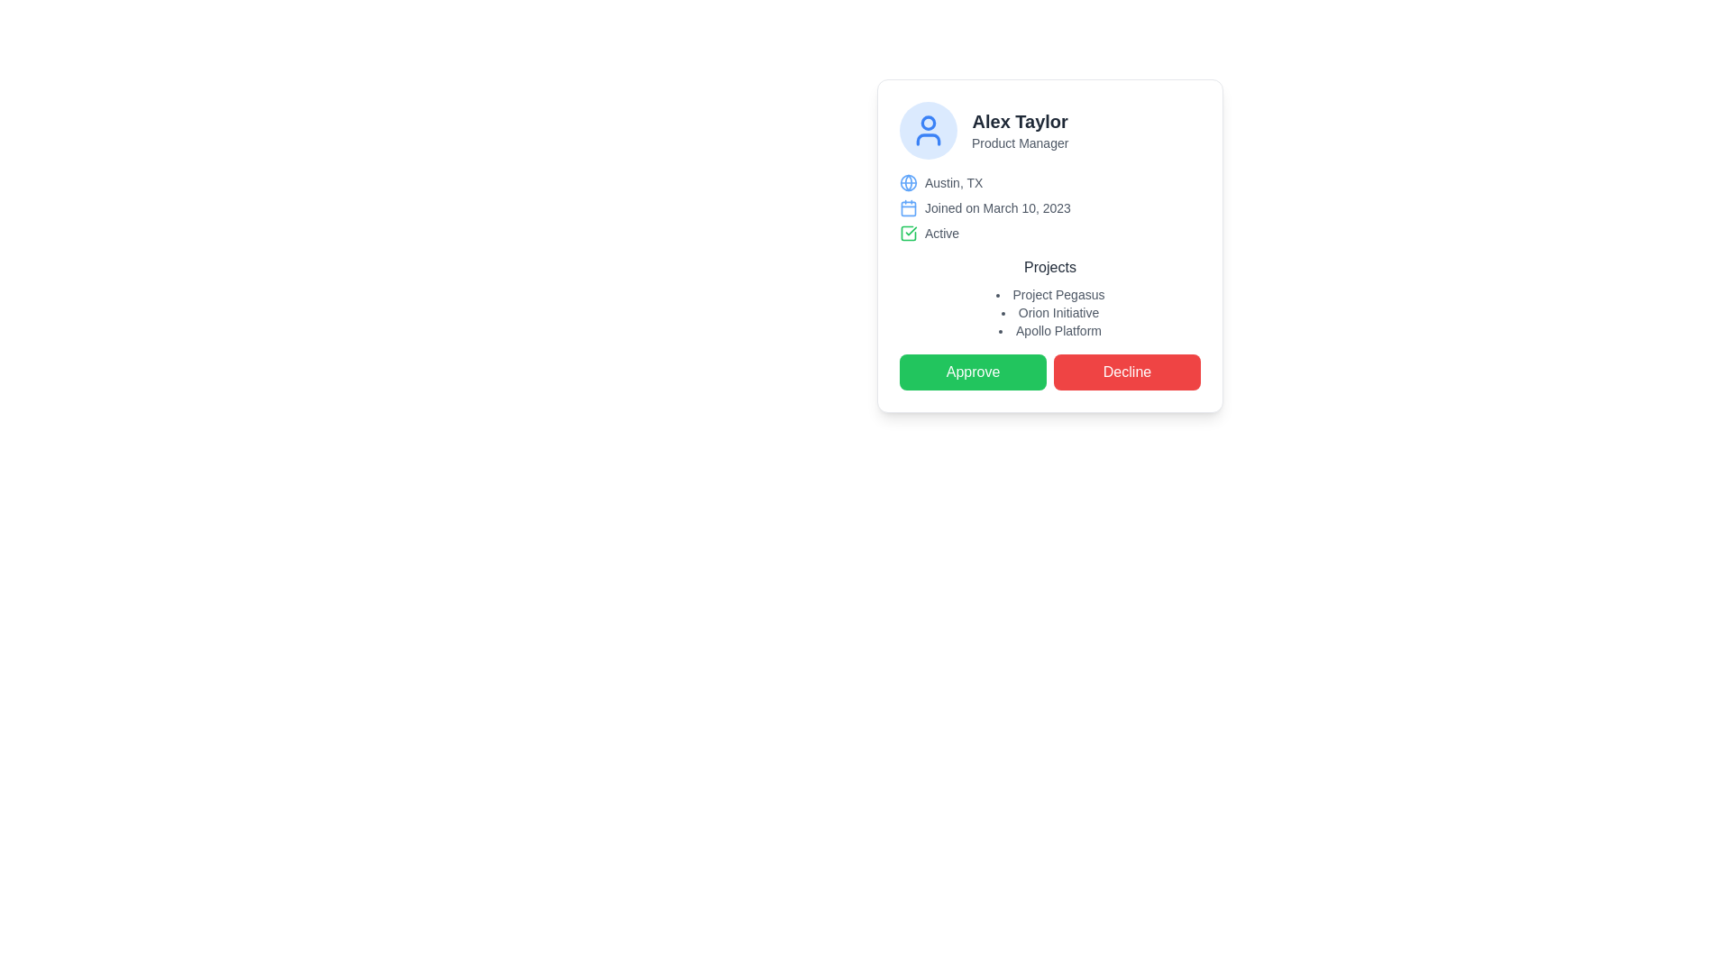  I want to click on the Information panel that displays location, joining date, and status, which is centrally located between the user's name and their role, and the project section below, so click(1050, 207).